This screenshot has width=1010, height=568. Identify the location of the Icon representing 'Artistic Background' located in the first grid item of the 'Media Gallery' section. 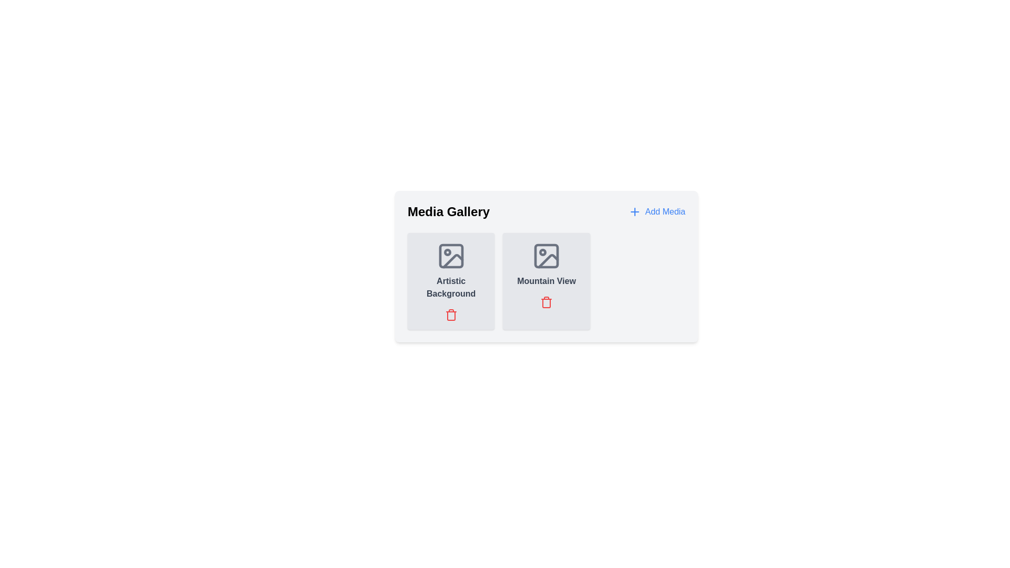
(451, 256).